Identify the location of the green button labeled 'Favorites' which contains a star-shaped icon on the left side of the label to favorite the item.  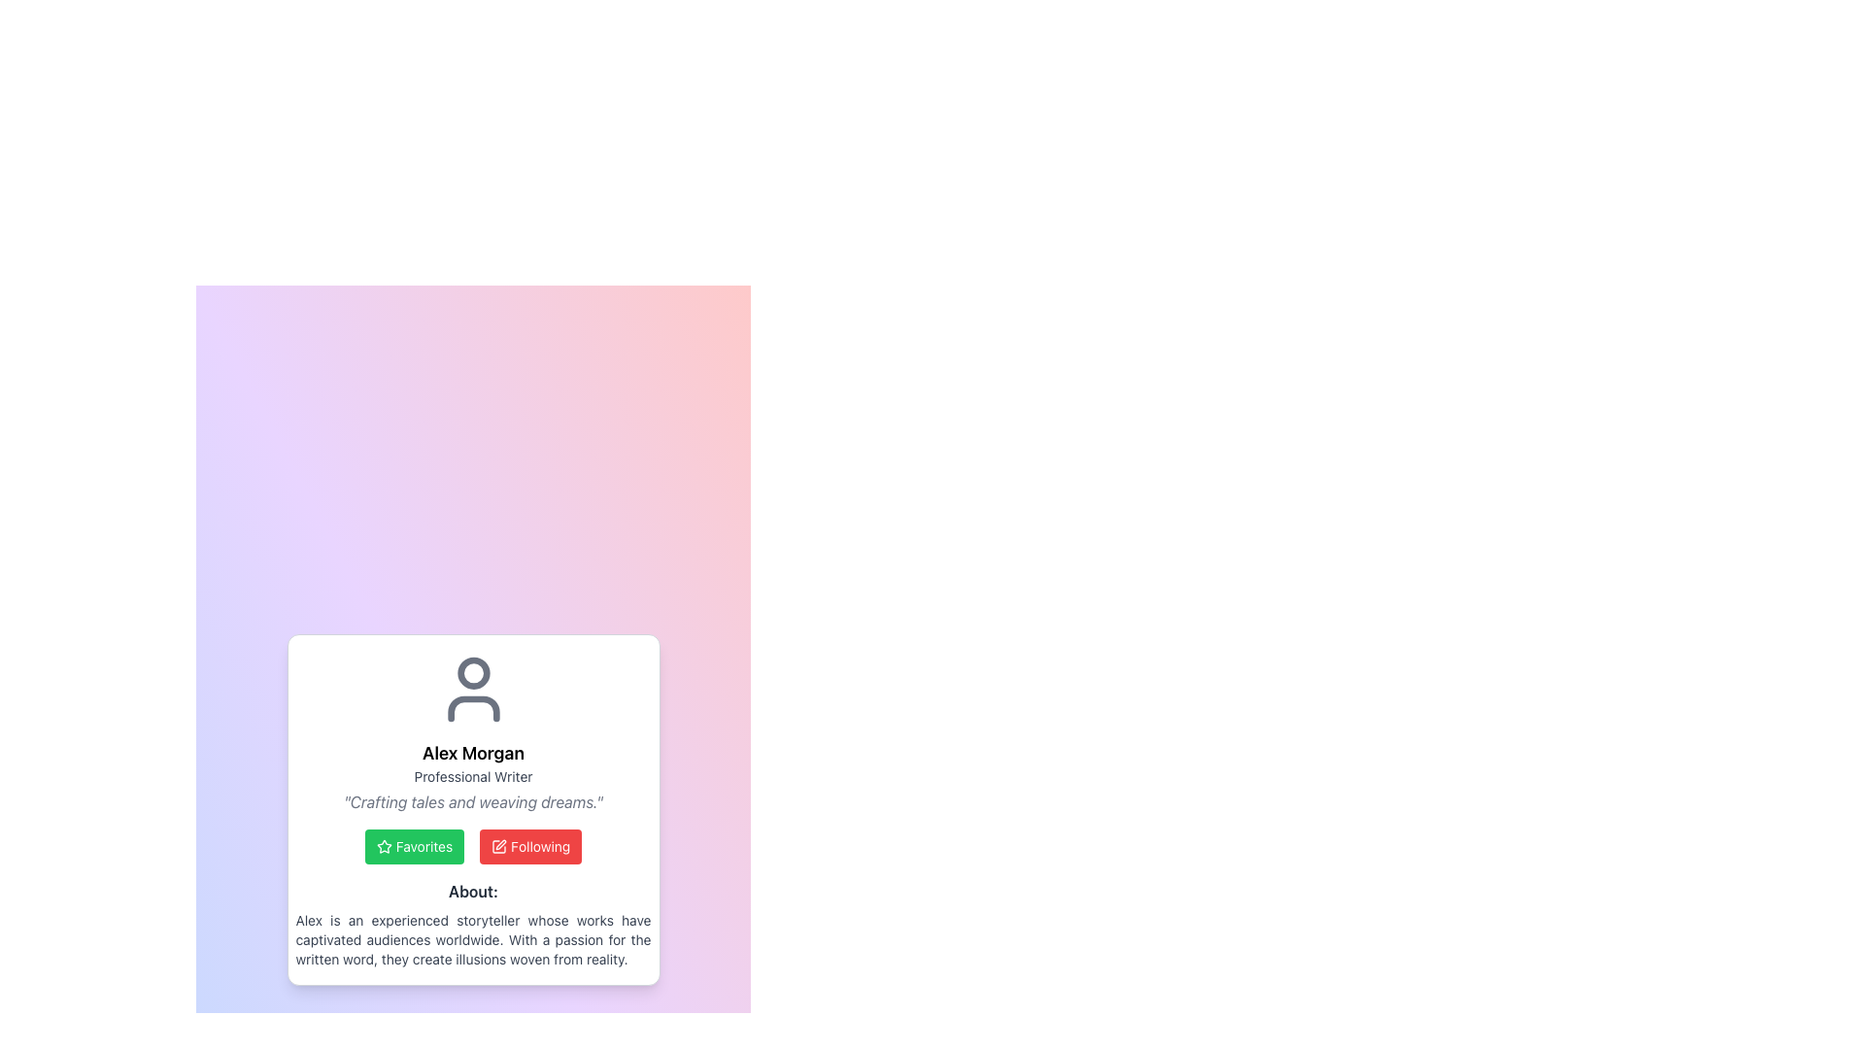
(384, 845).